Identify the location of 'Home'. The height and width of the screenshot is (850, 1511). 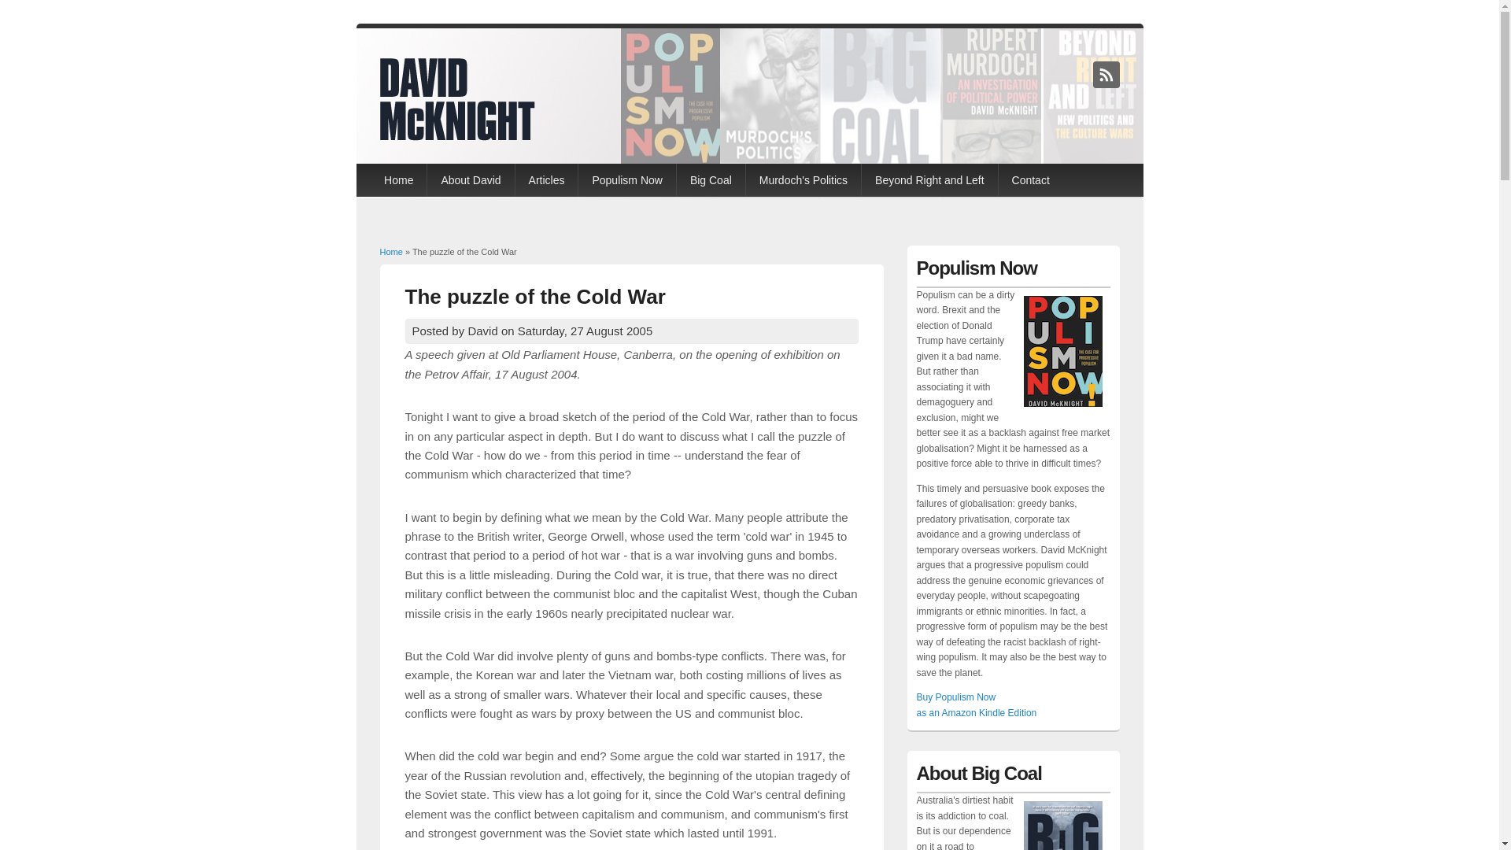
(390, 251).